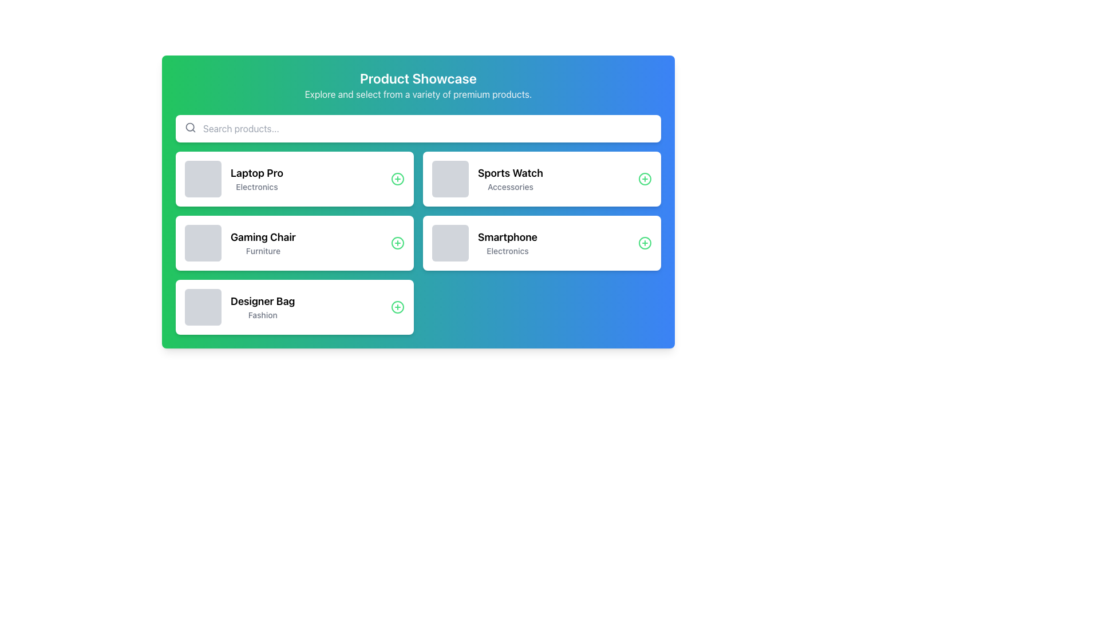  Describe the element at coordinates (398, 306) in the screenshot. I see `the circular green outlined button with a '+' icon located at the far right of the 'Designer Bag' product card` at that location.